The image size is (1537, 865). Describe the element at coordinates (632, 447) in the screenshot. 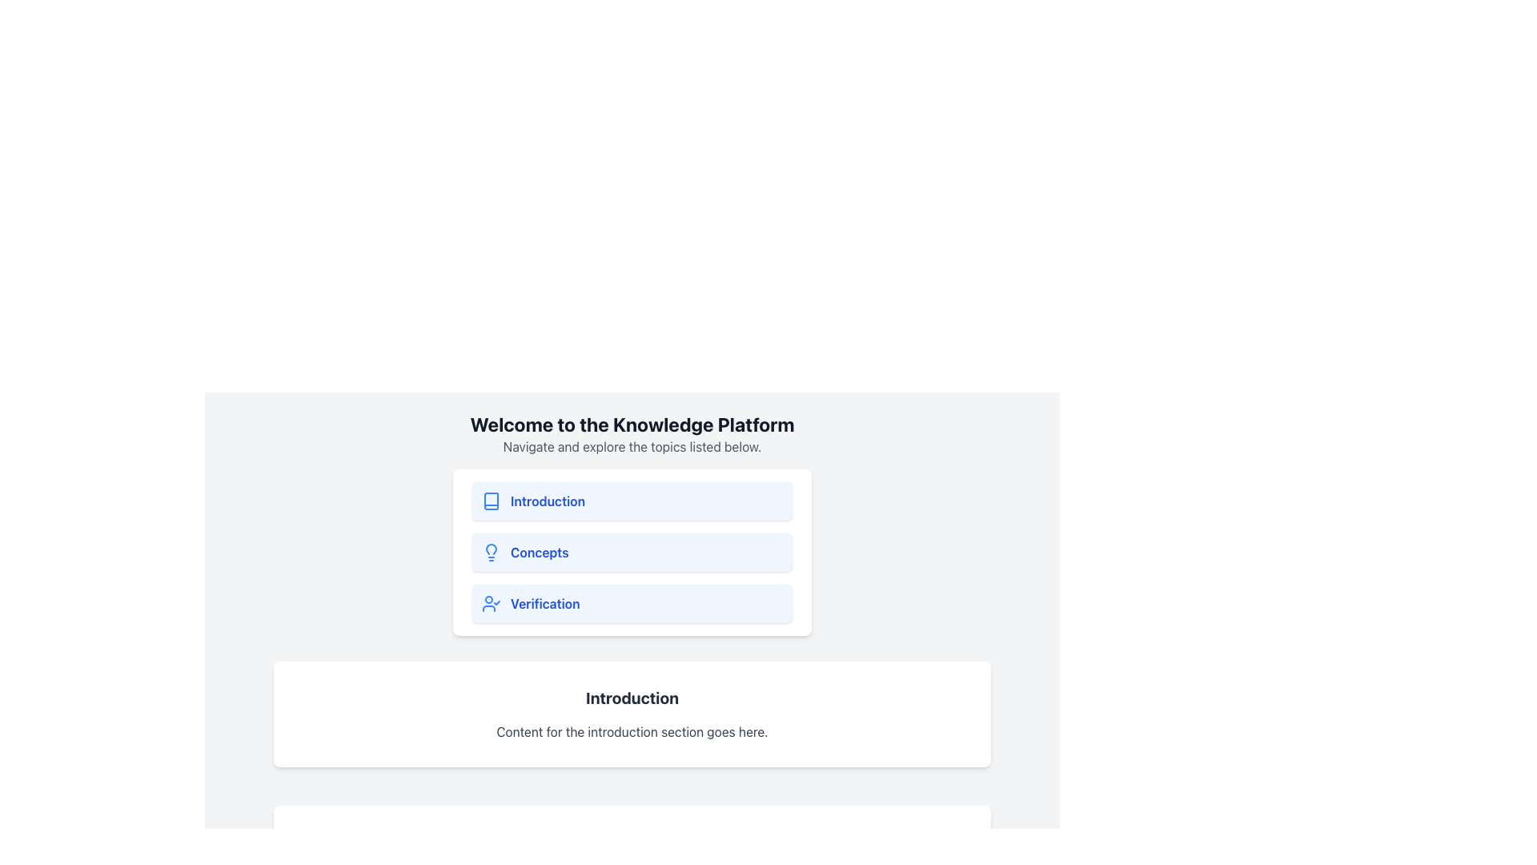

I see `instruction provided by the text label located directly beneath the heading 'Welcome to the Knowledge Platform.'` at that location.